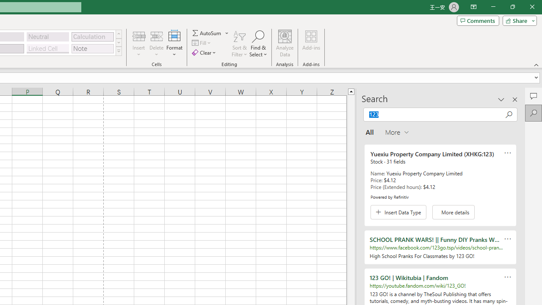 The height and width of the screenshot is (305, 542). What do you see at coordinates (210, 33) in the screenshot?
I see `'AutoSum'` at bounding box center [210, 33].